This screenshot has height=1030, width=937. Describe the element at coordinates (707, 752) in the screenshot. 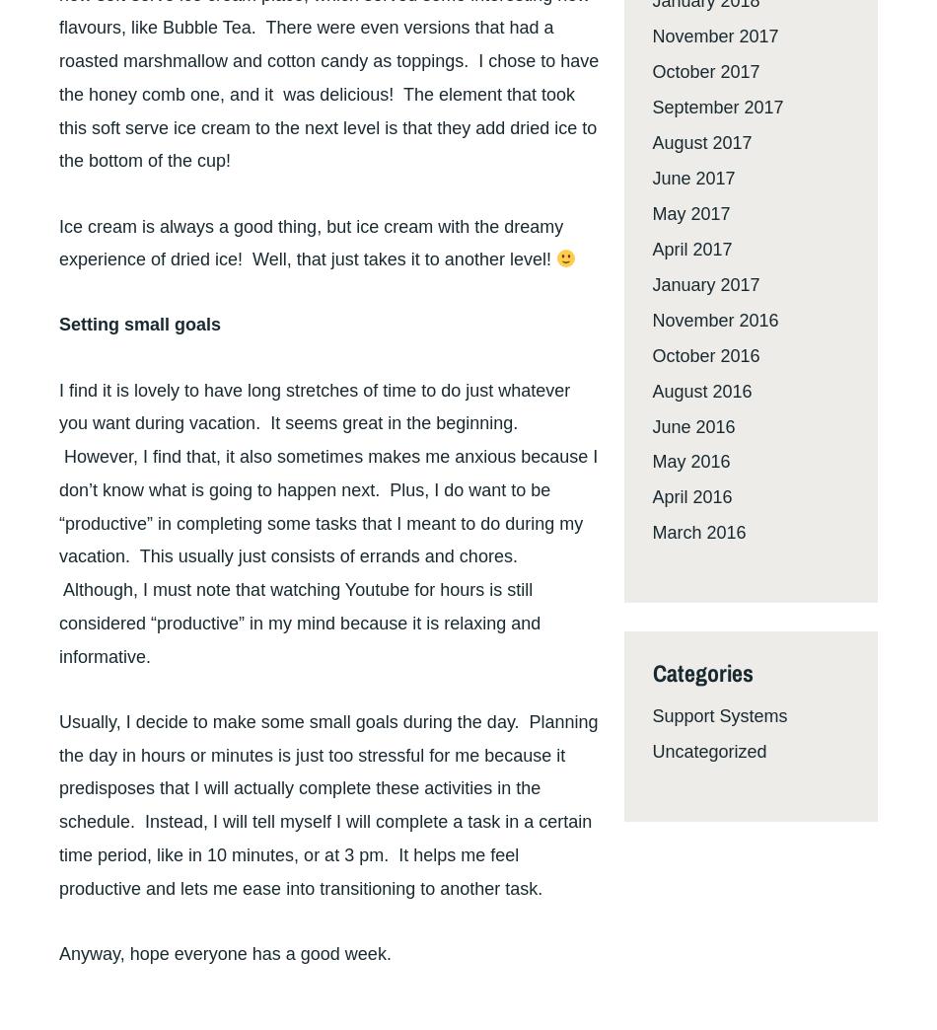

I see `'Uncategorized'` at that location.